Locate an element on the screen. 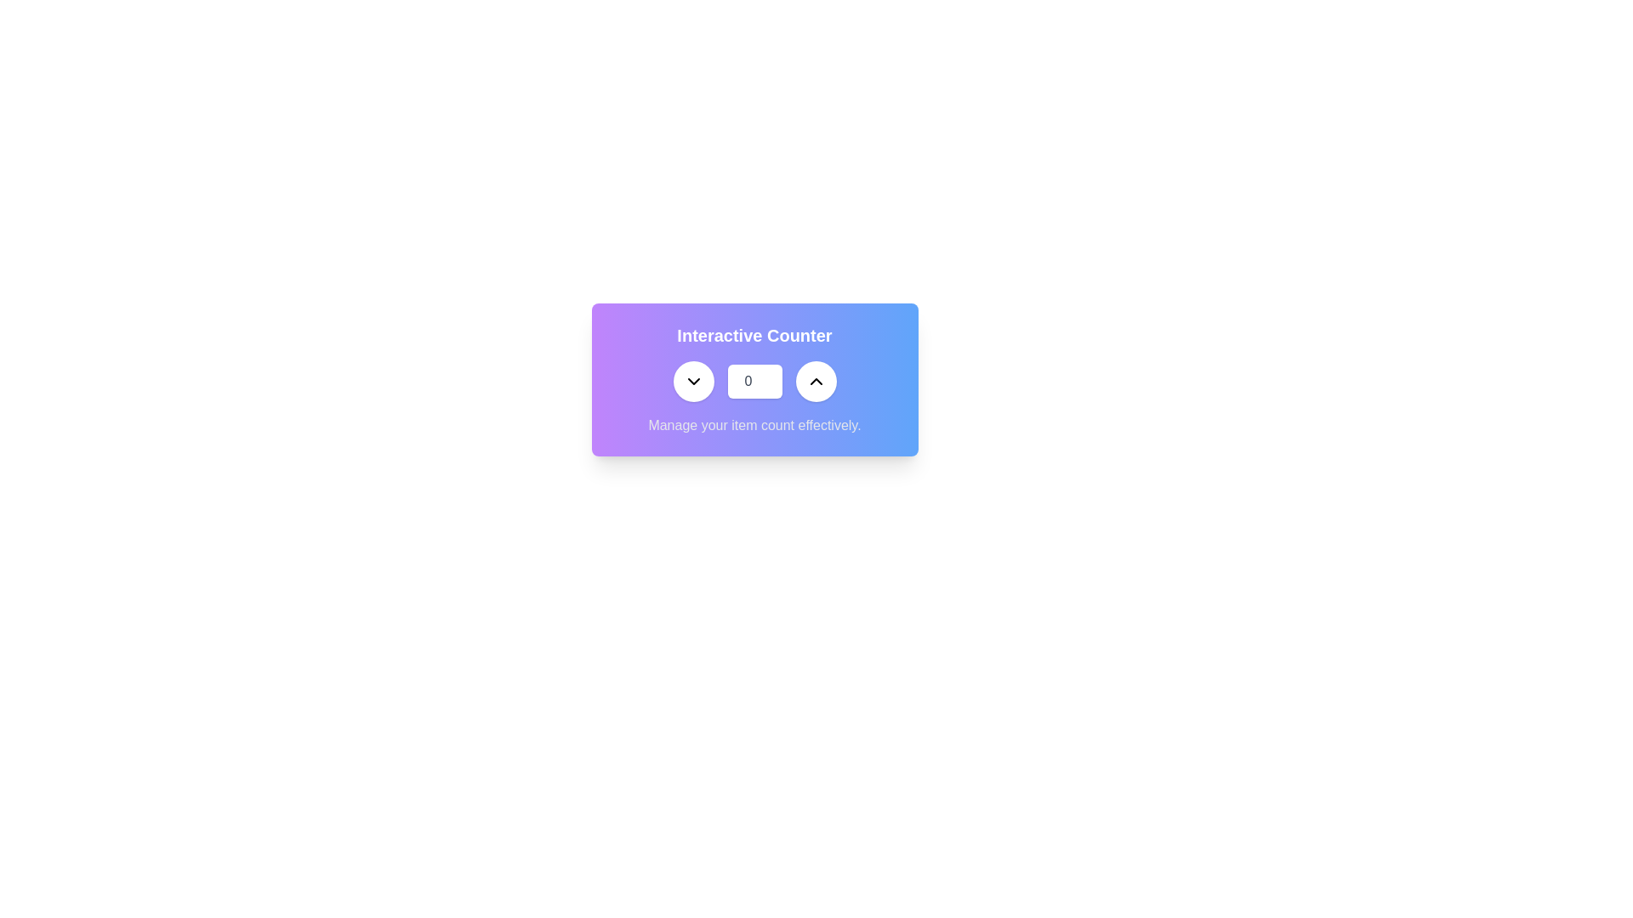 This screenshot has height=918, width=1633. the first circular button in the middle of the interface card is located at coordinates (693, 380).